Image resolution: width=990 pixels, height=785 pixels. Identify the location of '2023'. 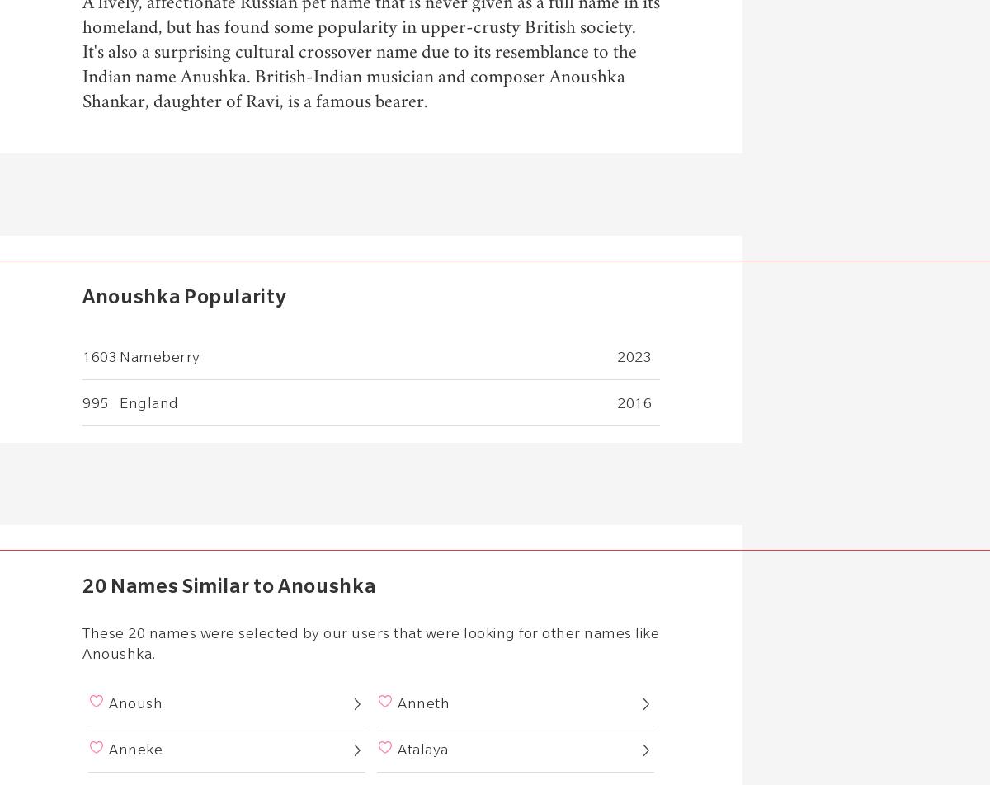
(633, 355).